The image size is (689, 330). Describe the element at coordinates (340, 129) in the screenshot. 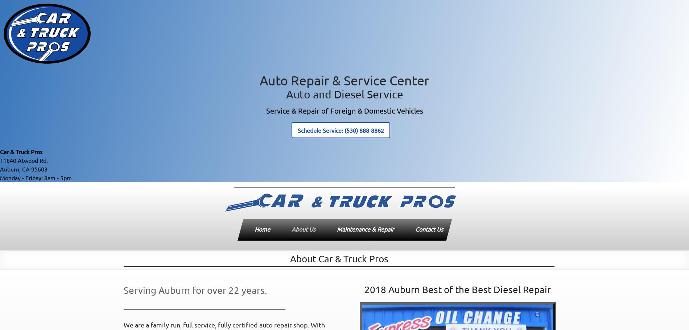

I see `'Schedule Service: (530) 888-8862'` at that location.